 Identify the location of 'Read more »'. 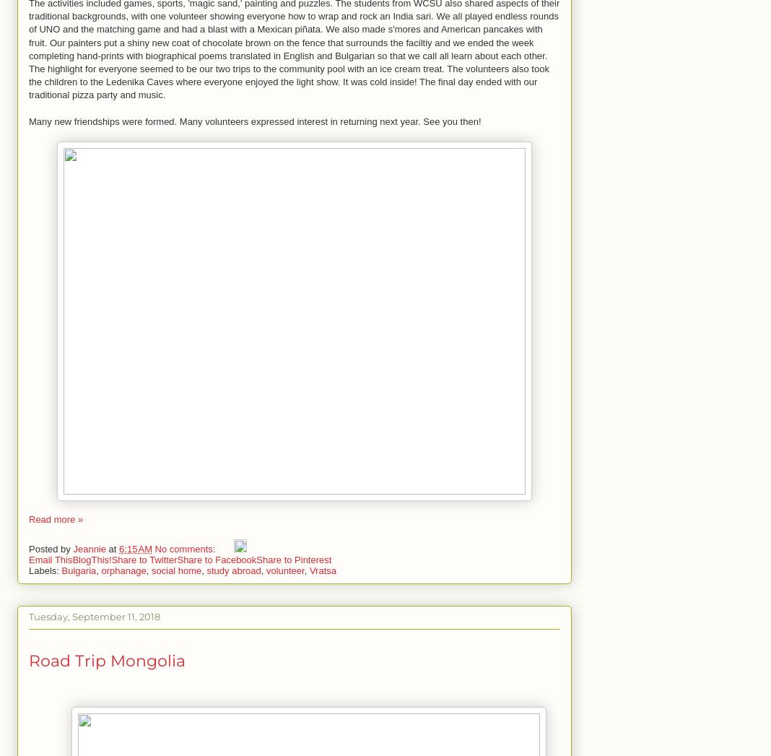
(55, 519).